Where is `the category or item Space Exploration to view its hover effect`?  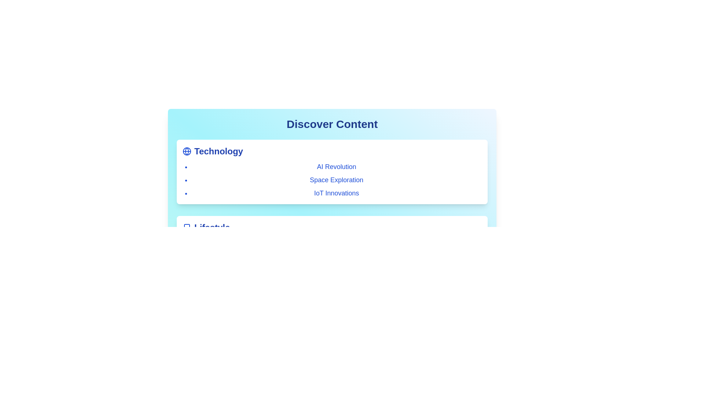
the category or item Space Exploration to view its hover effect is located at coordinates (336, 180).